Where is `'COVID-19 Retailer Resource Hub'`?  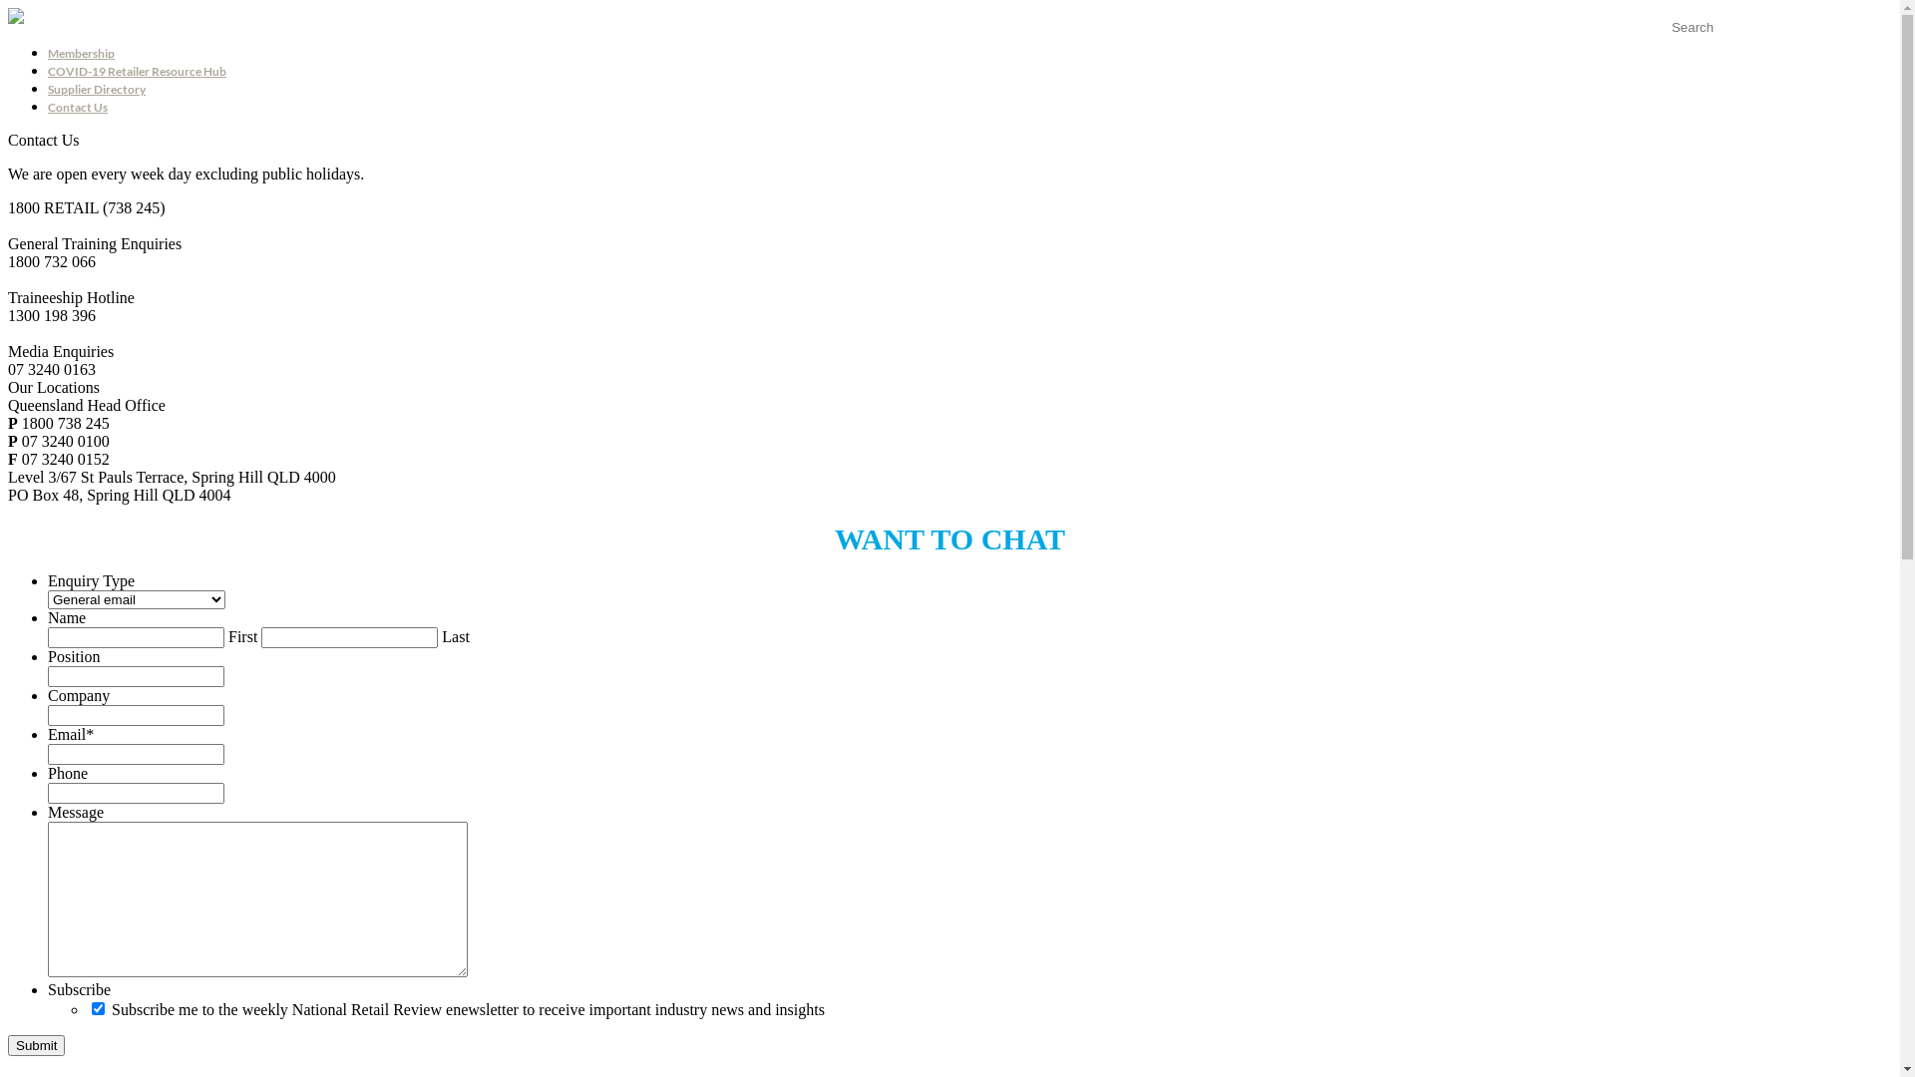
'COVID-19 Retailer Resource Hub' is located at coordinates (136, 70).